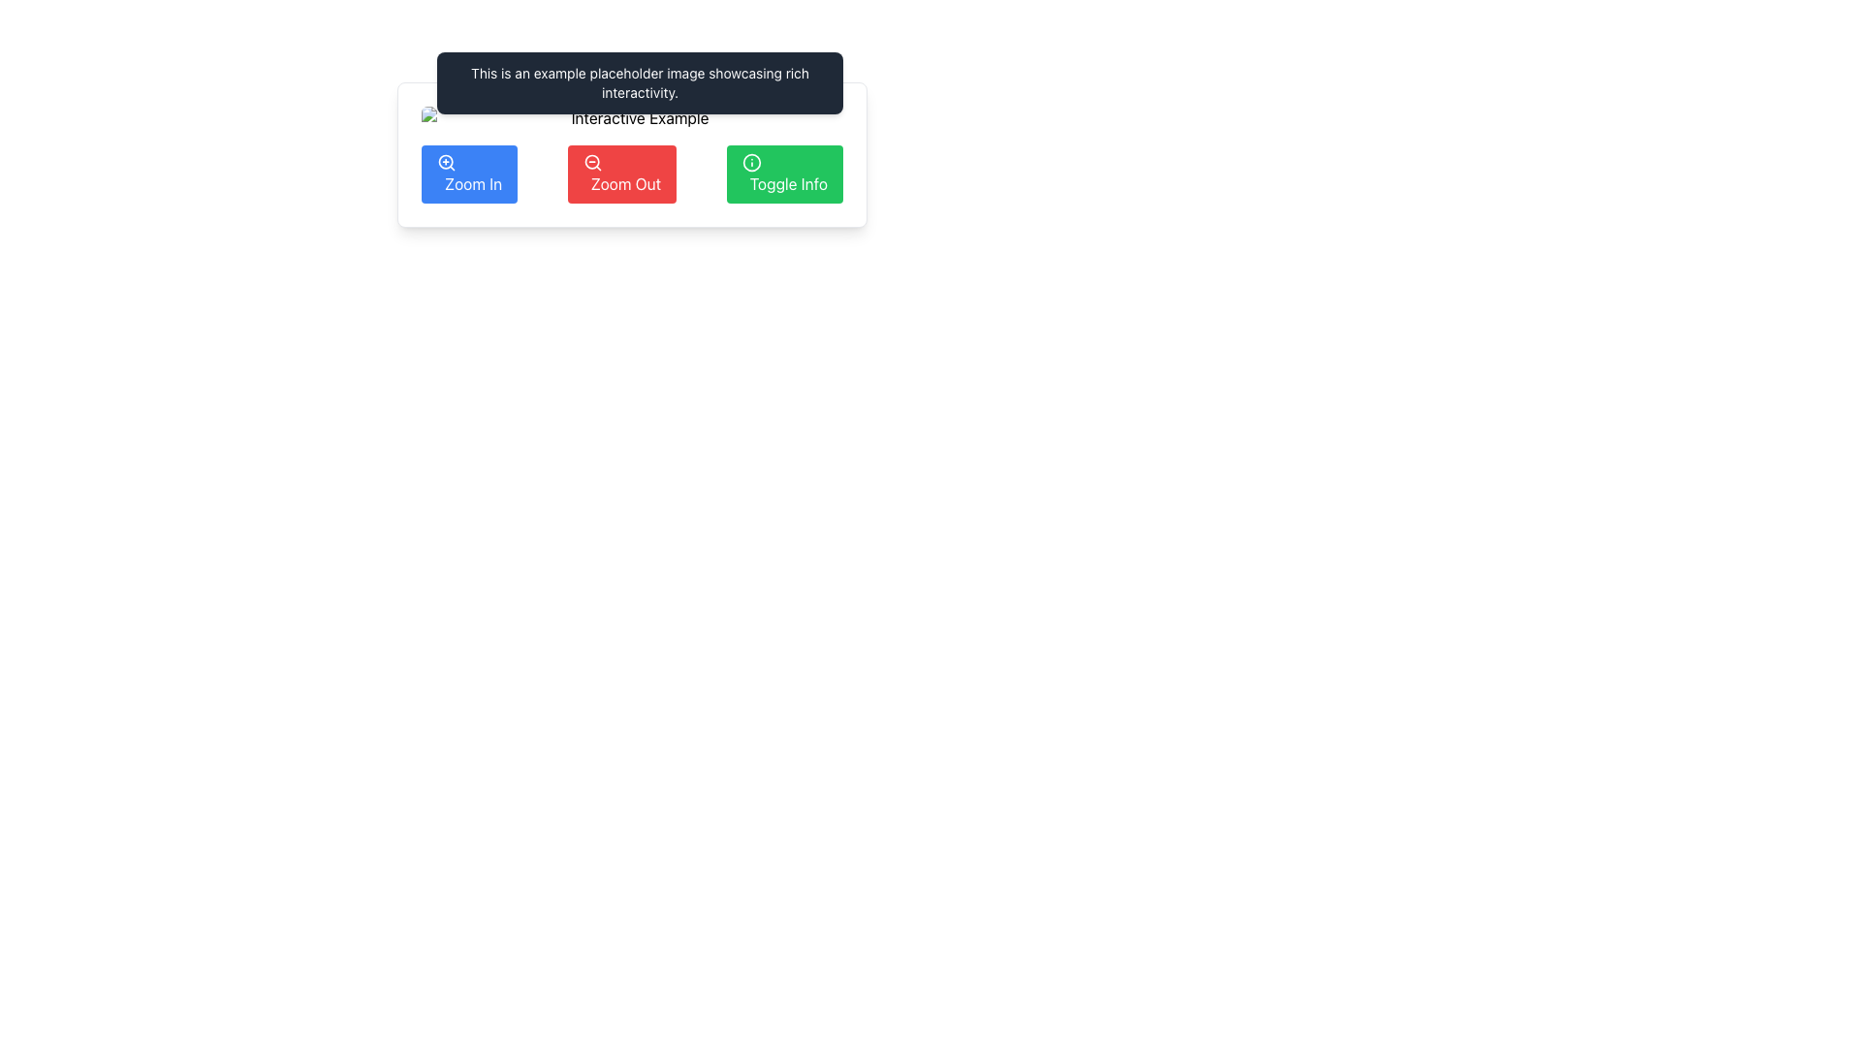  What do you see at coordinates (621, 174) in the screenshot?
I see `the zoom-out button located between the 'Zoom In' button and the 'Toggle Info' button, below the 'Interactive Example' text and image` at bounding box center [621, 174].